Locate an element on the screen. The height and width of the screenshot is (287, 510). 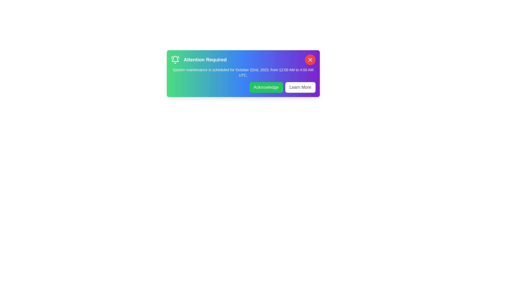
the 'Learn More' button is located at coordinates (300, 87).